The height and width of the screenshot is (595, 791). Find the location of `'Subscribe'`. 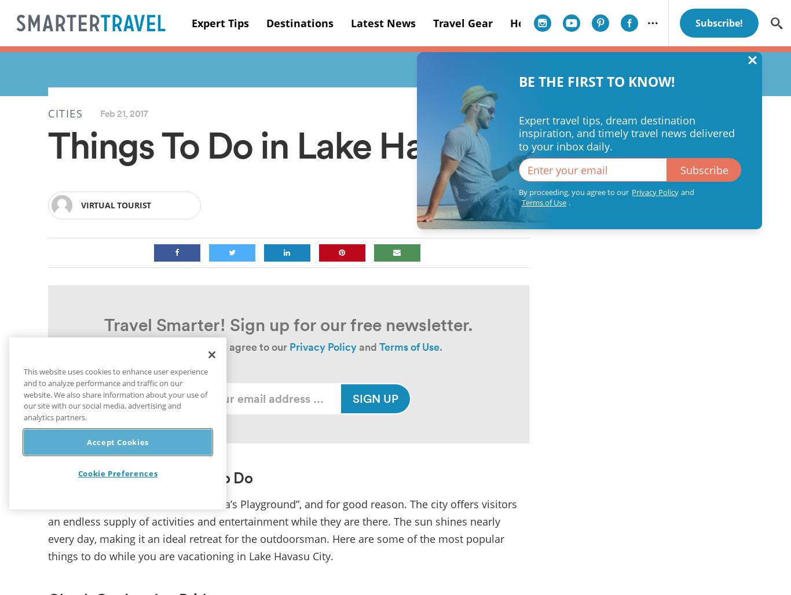

'Subscribe' is located at coordinates (704, 169).